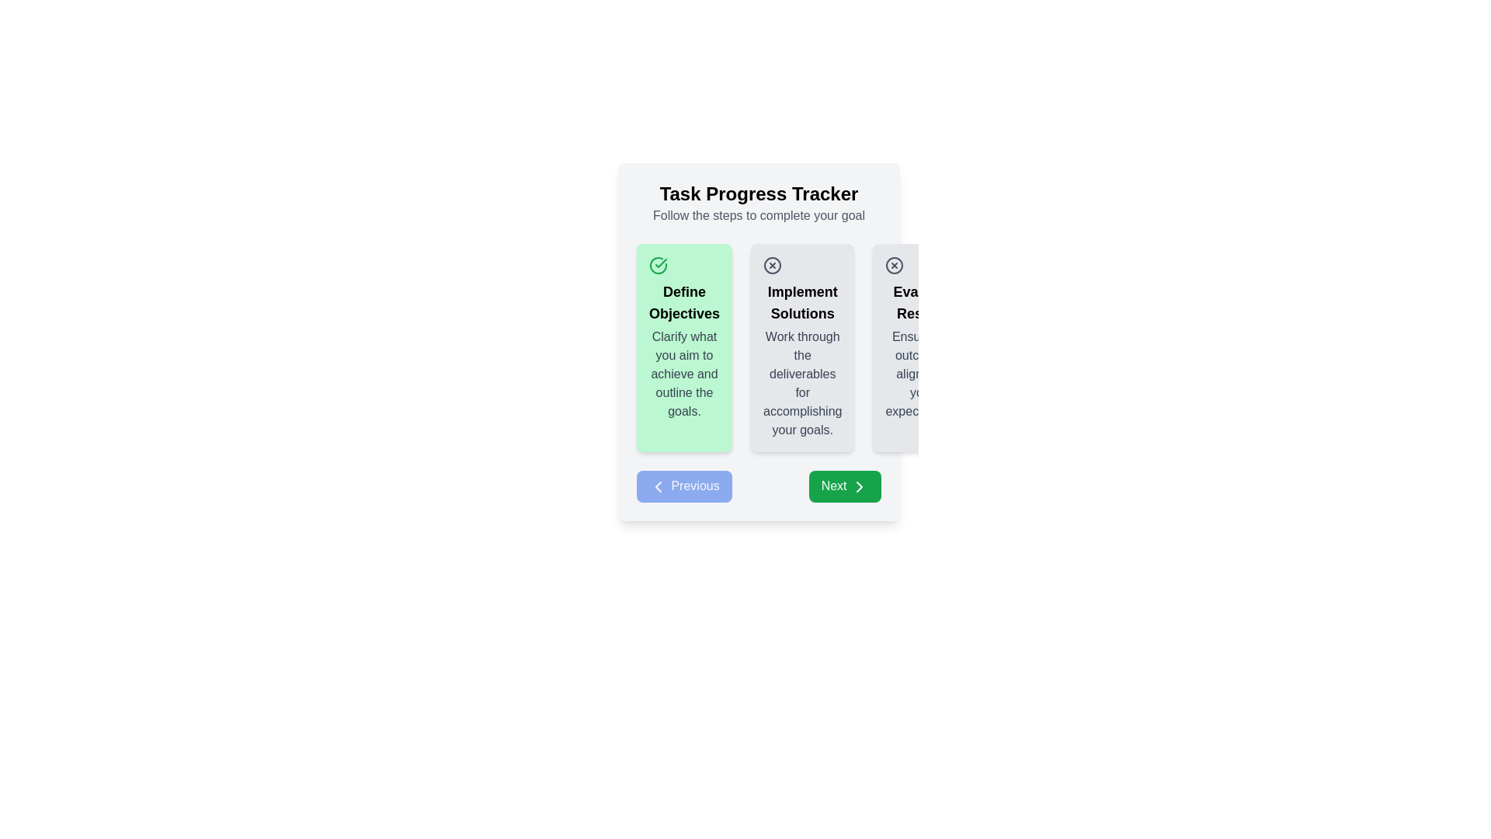 Image resolution: width=1491 pixels, height=839 pixels. What do you see at coordinates (773, 265) in the screenshot?
I see `the error or cancel indicator icon located in the middle of the second card under the 'Implement Solutions' section of the progress tracker` at bounding box center [773, 265].